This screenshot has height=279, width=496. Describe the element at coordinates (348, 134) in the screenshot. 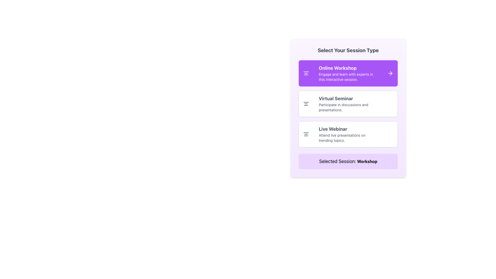

I see `keyboard navigation` at that location.